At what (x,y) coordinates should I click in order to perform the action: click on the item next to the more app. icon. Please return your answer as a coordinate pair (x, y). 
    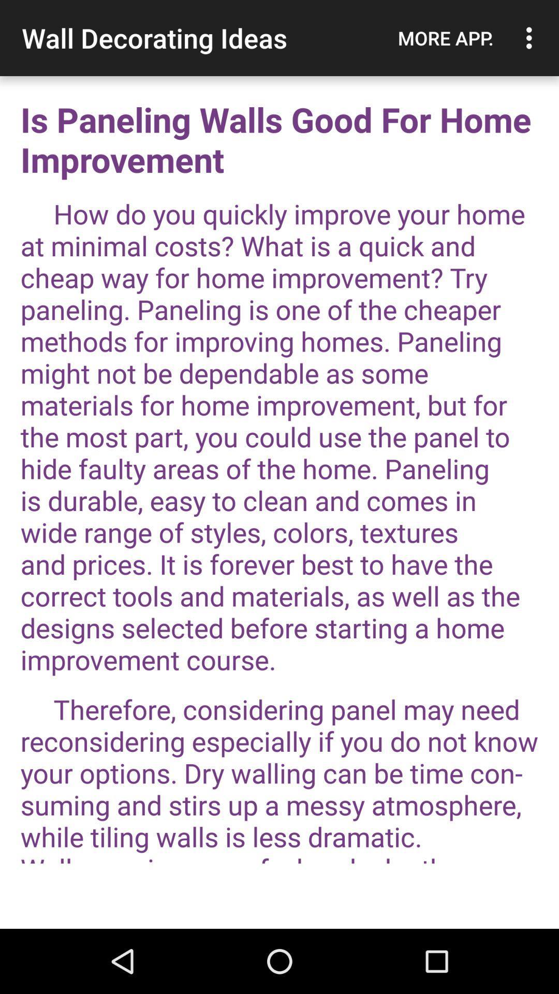
    Looking at the image, I should click on (532, 38).